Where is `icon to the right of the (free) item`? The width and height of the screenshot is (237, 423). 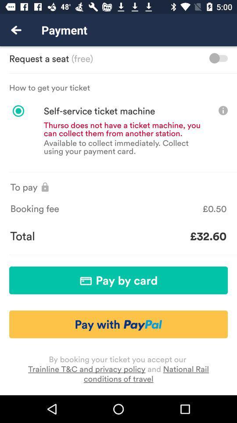
icon to the right of the (free) item is located at coordinates (218, 58).